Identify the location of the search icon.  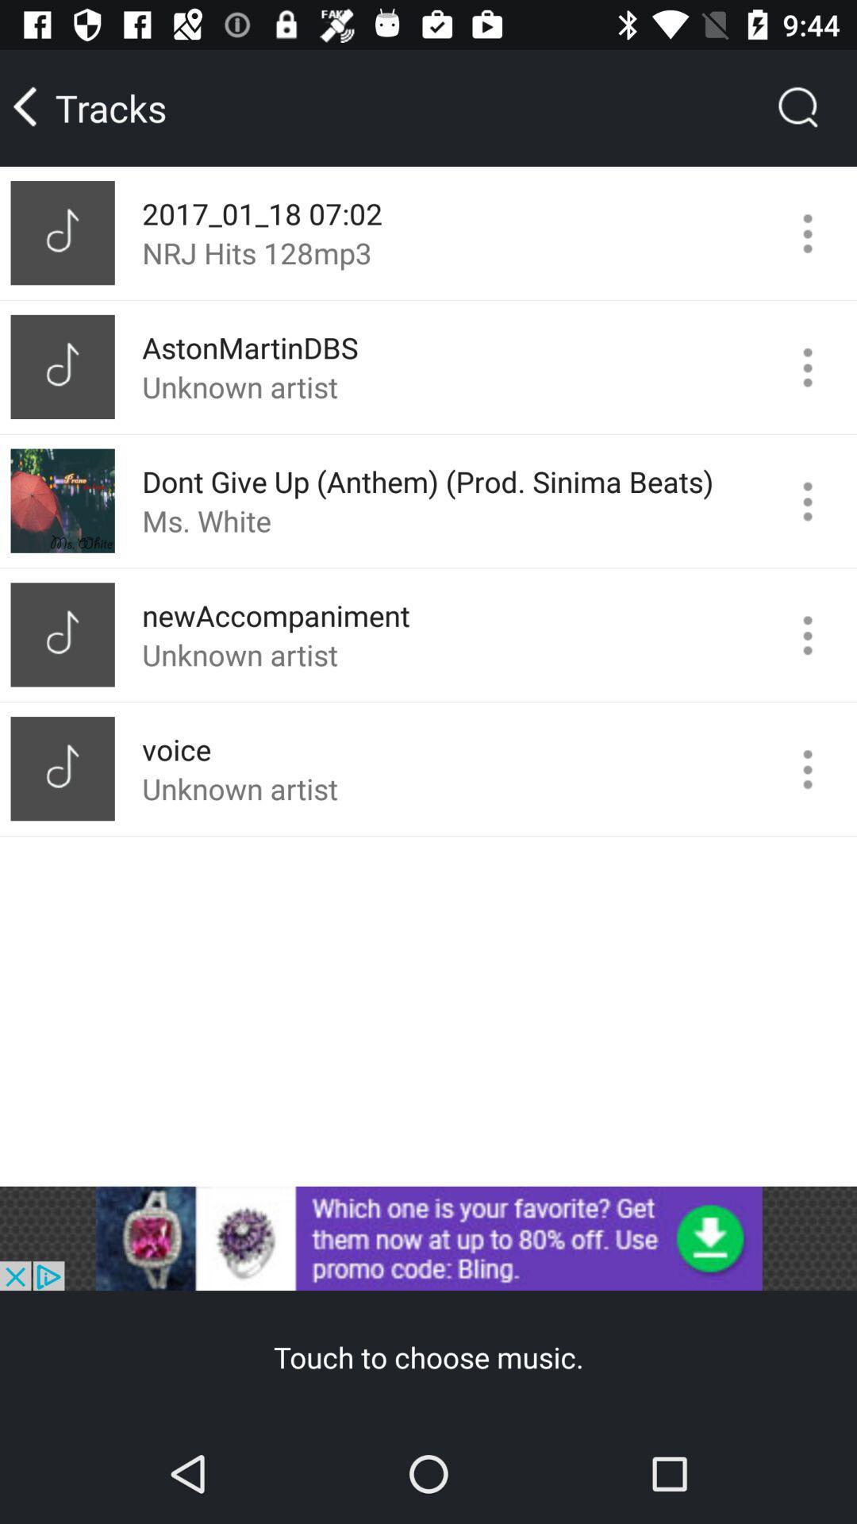
(798, 107).